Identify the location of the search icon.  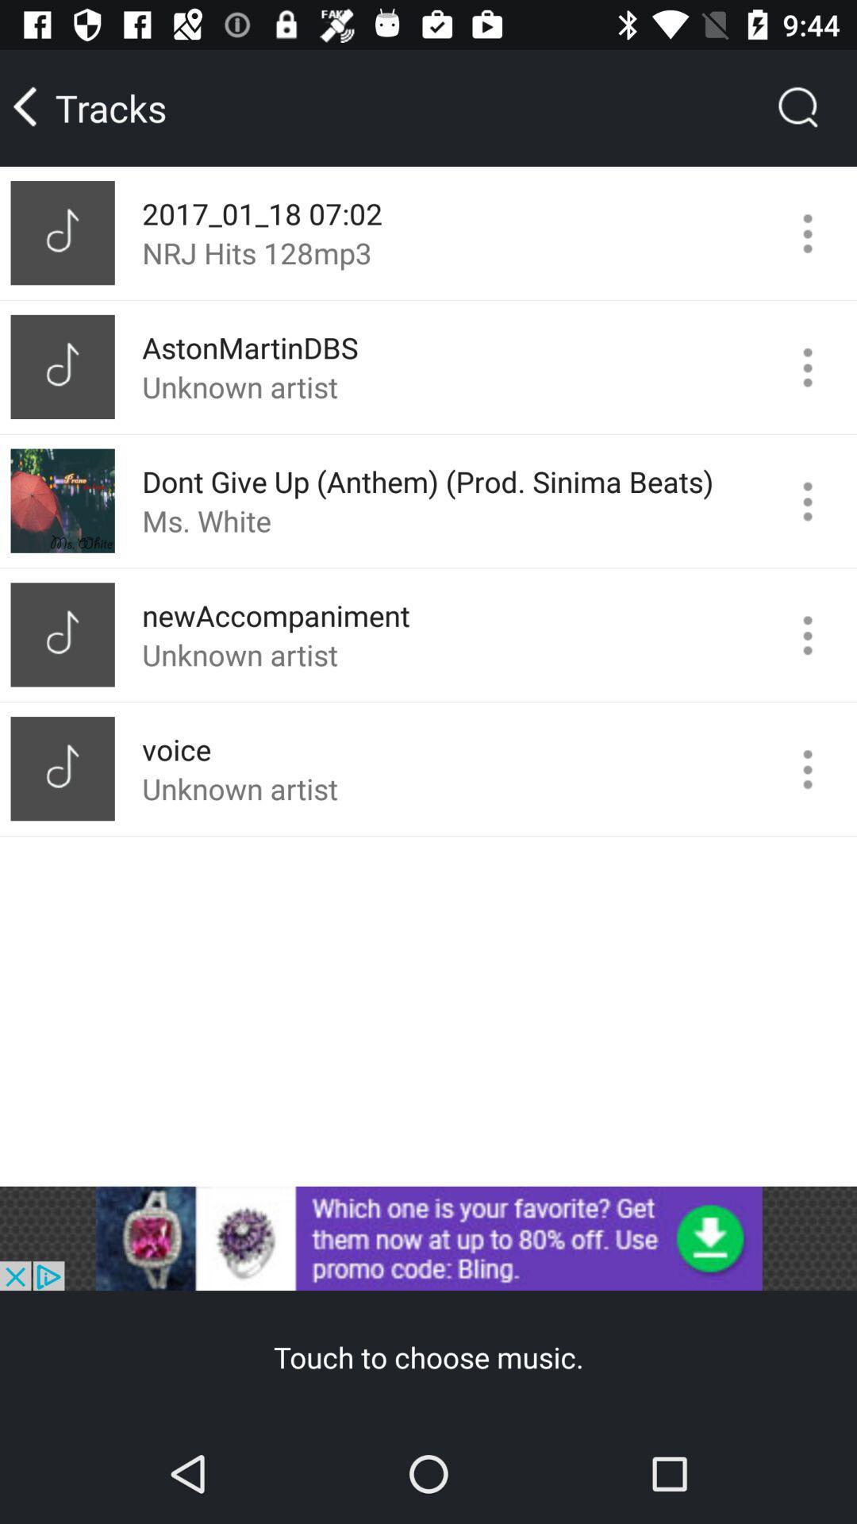
(798, 107).